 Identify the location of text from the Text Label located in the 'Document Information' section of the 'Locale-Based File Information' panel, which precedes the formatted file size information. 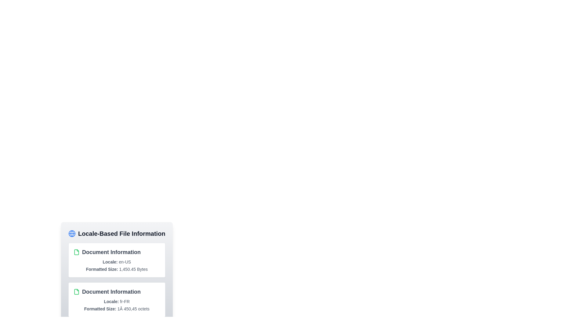
(100, 309).